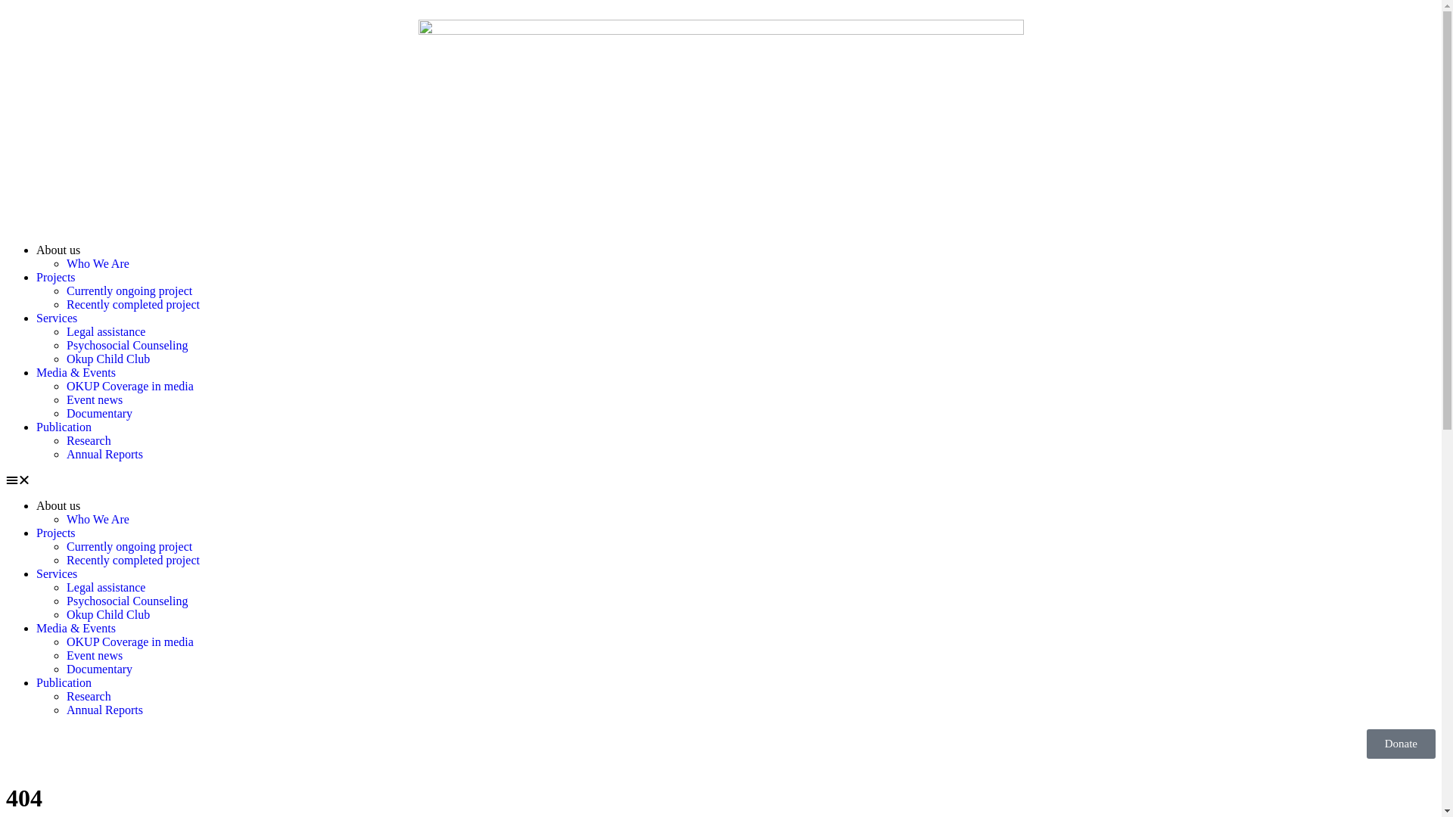 Image resolution: width=1453 pixels, height=817 pixels. What do you see at coordinates (58, 249) in the screenshot?
I see `'About us'` at bounding box center [58, 249].